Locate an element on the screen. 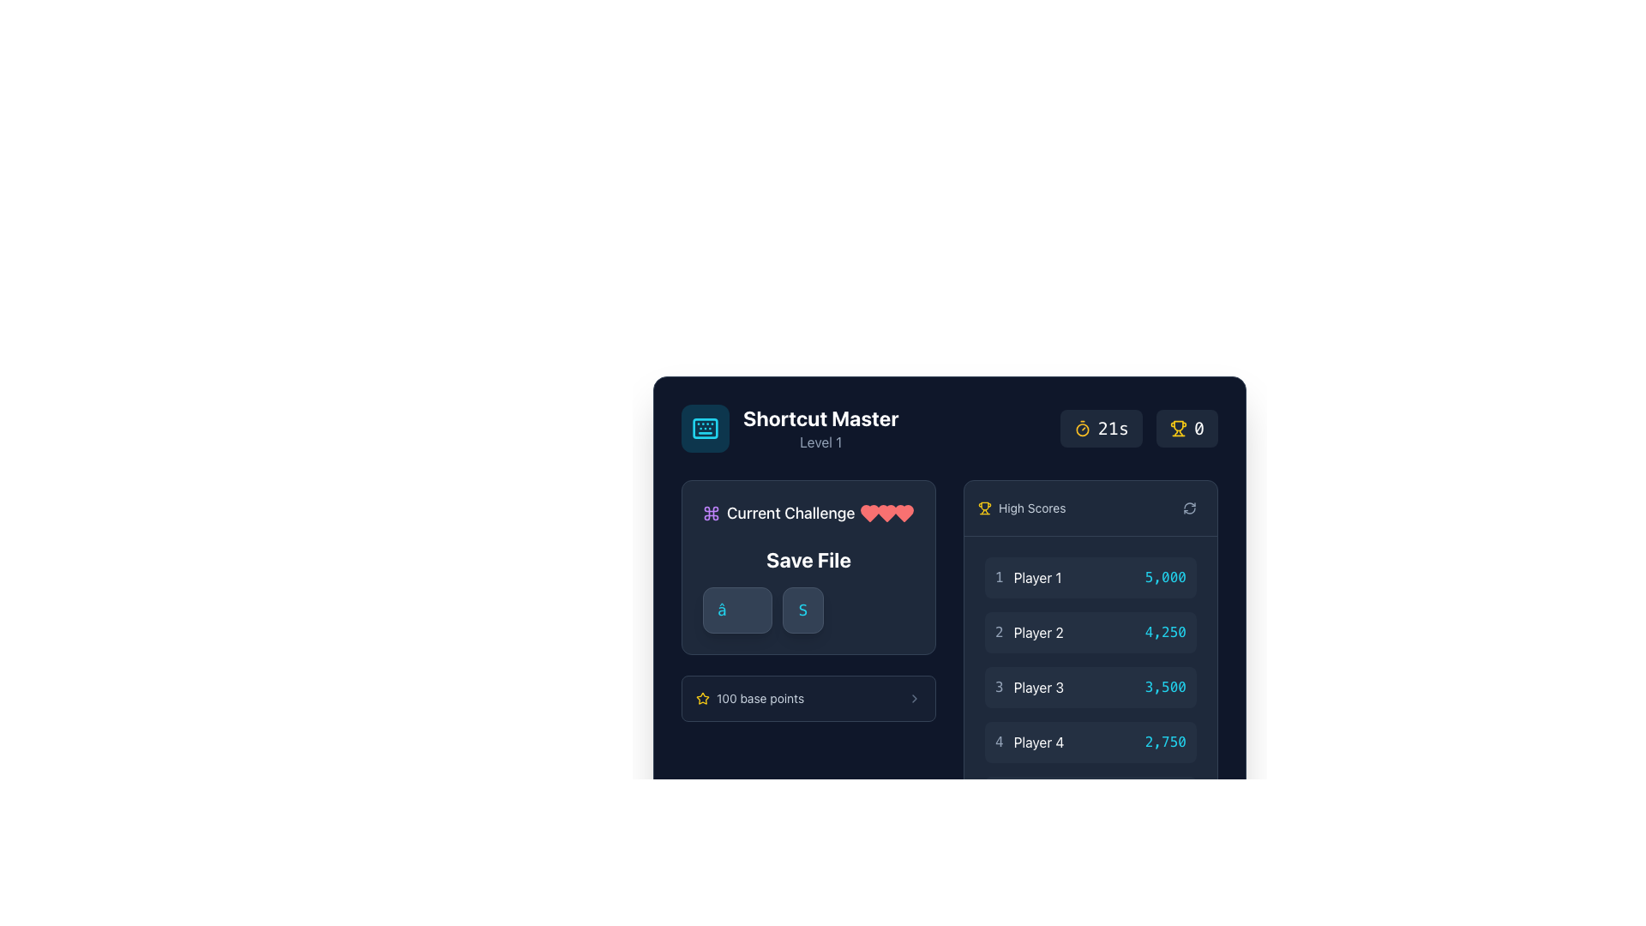 This screenshot has width=1646, height=926. the Label displaying the grey number '1' and white text 'Player 1' located under the 'High Scores' section on the right side of the interface is located at coordinates (1028, 578).